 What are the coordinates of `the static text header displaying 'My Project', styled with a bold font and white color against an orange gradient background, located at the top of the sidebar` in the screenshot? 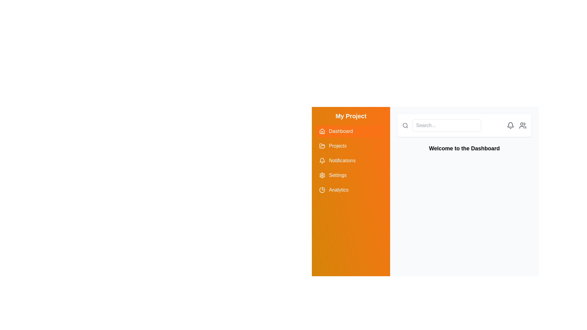 It's located at (351, 116).